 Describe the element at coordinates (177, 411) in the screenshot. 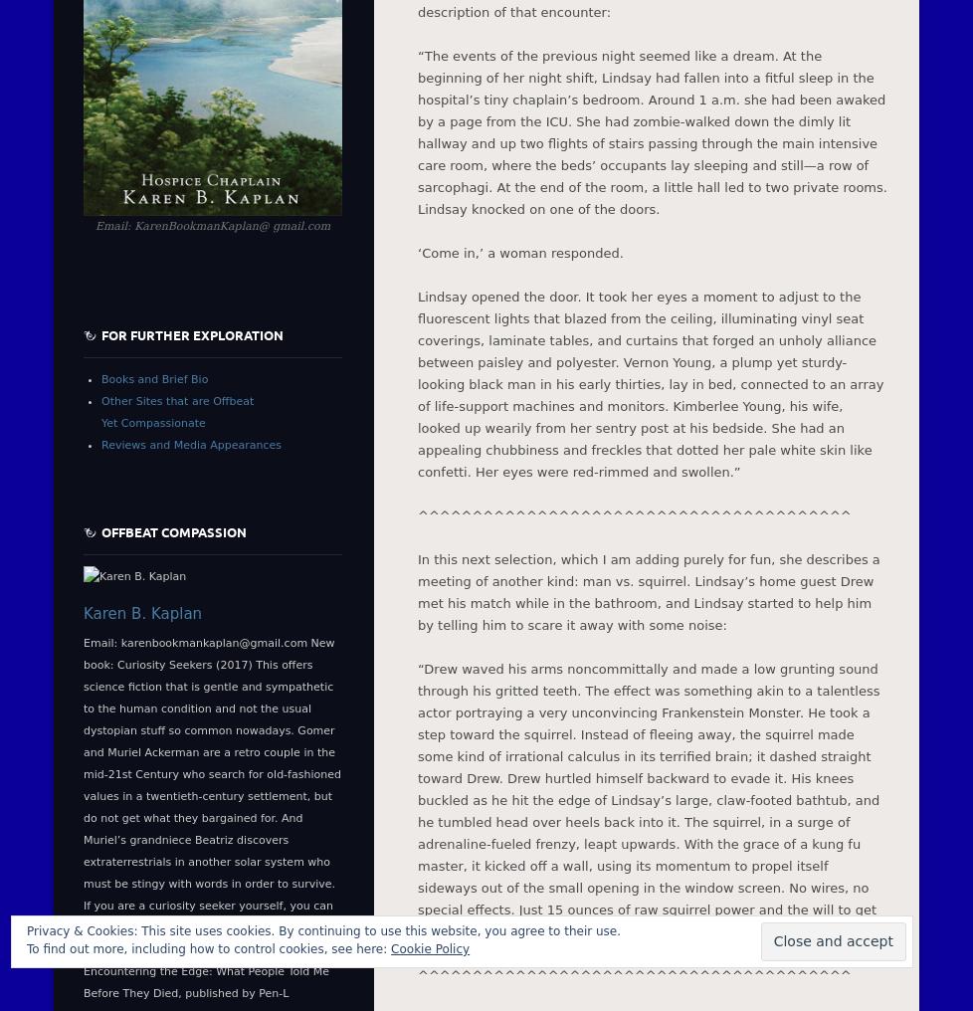

I see `'Other Sites that are Offbeat Yet Compassionate'` at that location.